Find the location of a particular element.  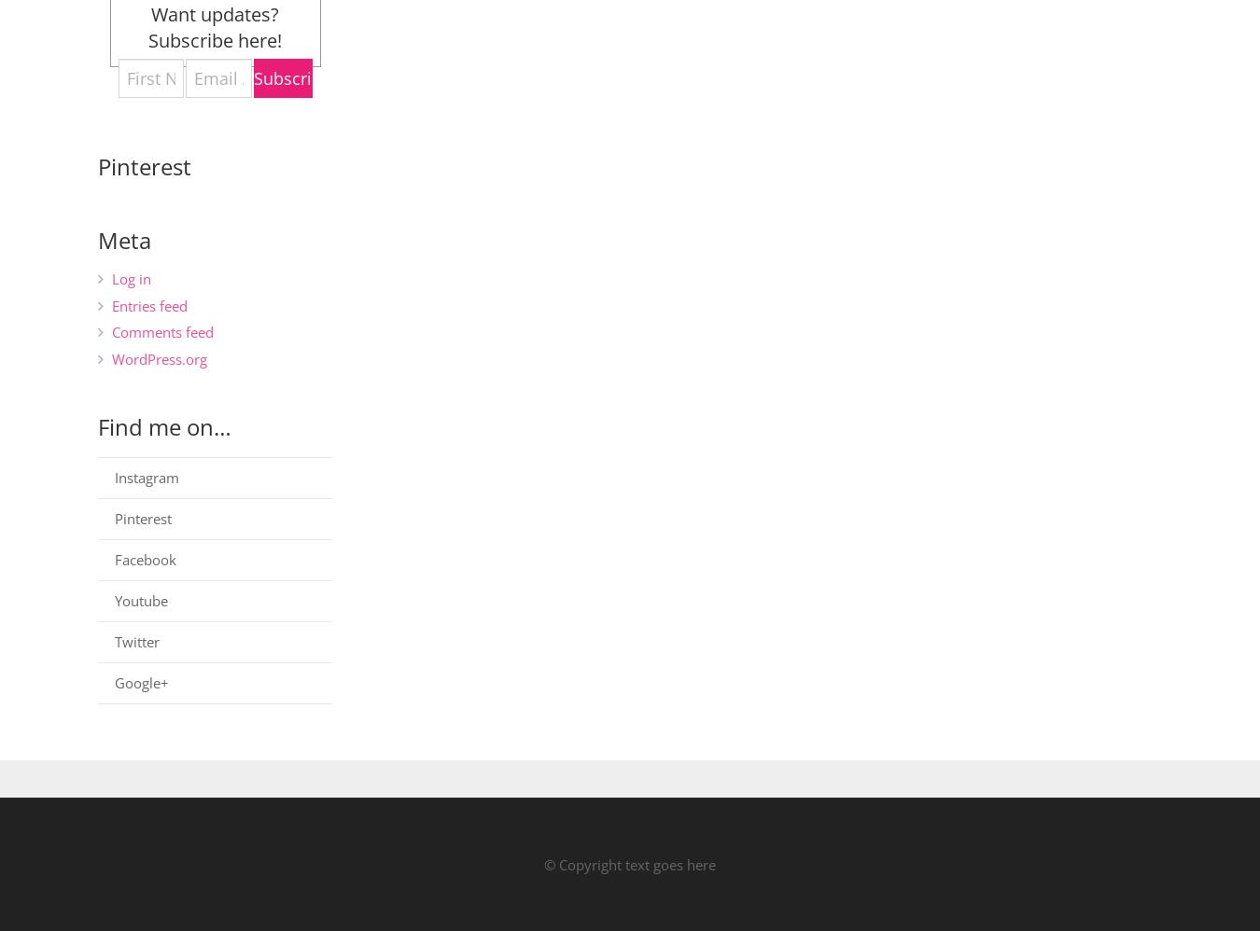

'Facebook' is located at coordinates (114, 557).